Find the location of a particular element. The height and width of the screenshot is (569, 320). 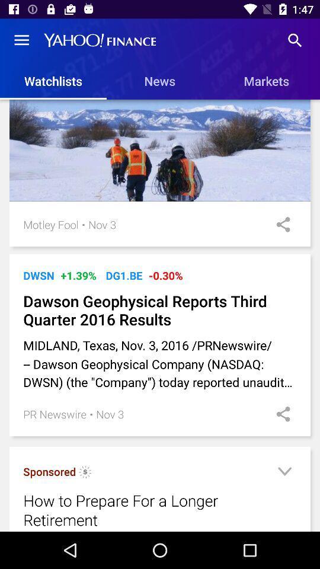

item above watchlists item is located at coordinates (21, 40).